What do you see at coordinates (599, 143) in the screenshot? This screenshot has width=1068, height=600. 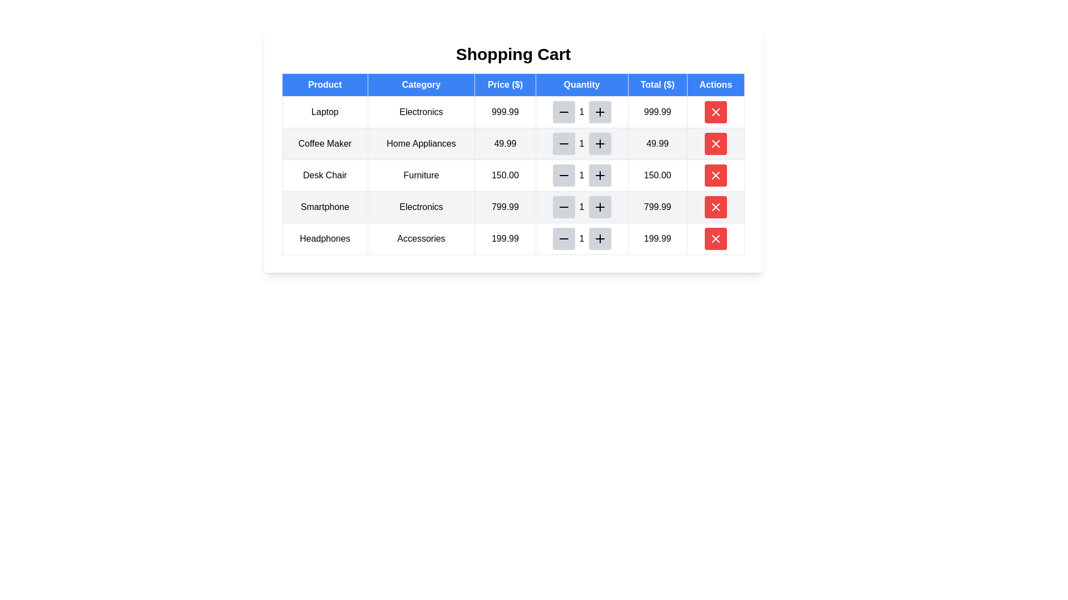 I see `the '+' button located in the Quantity column of the second row ('Home Appliances') in the table` at bounding box center [599, 143].